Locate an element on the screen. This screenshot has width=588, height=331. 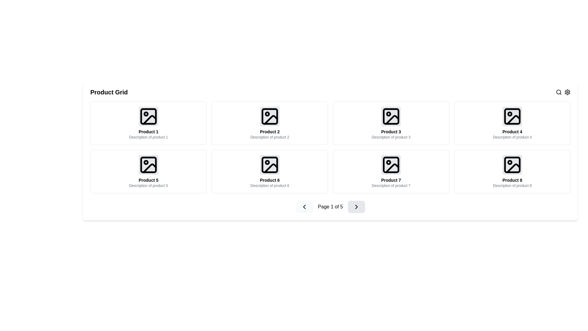
the icon of the third product card in the first row is located at coordinates (390, 123).